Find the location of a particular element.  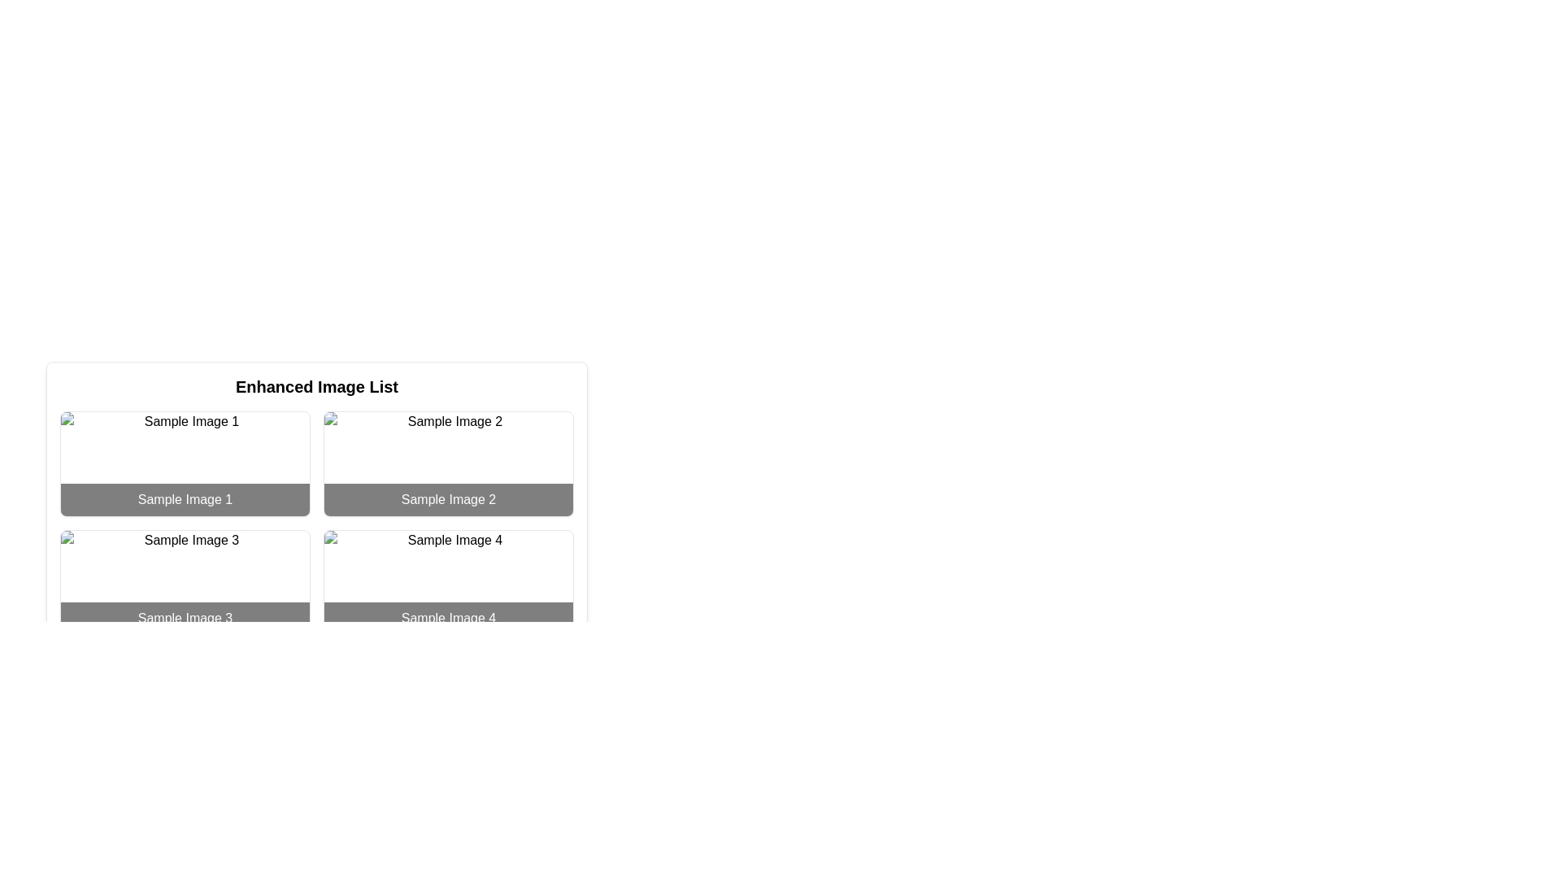

the image with hover effect located is located at coordinates (449, 463).